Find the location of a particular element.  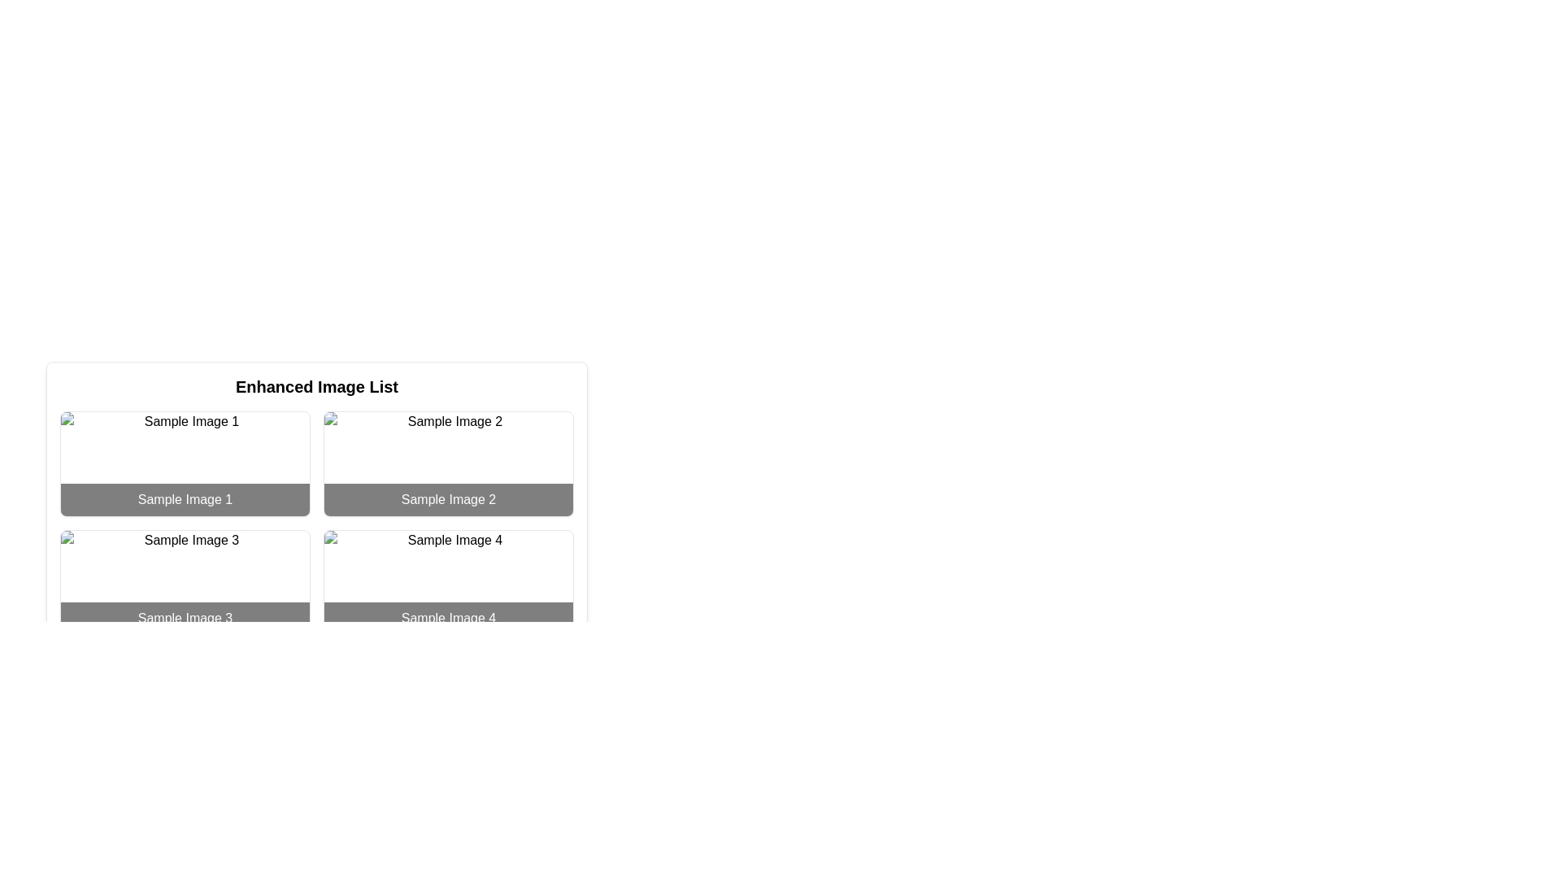

the image with hover effect located is located at coordinates (449, 463).